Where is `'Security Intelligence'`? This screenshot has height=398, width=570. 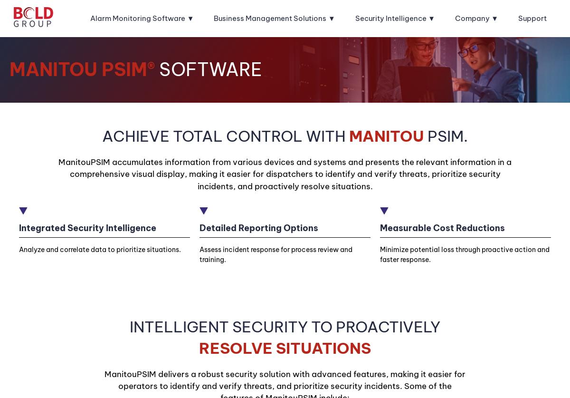
'Security Intelligence' is located at coordinates (390, 18).